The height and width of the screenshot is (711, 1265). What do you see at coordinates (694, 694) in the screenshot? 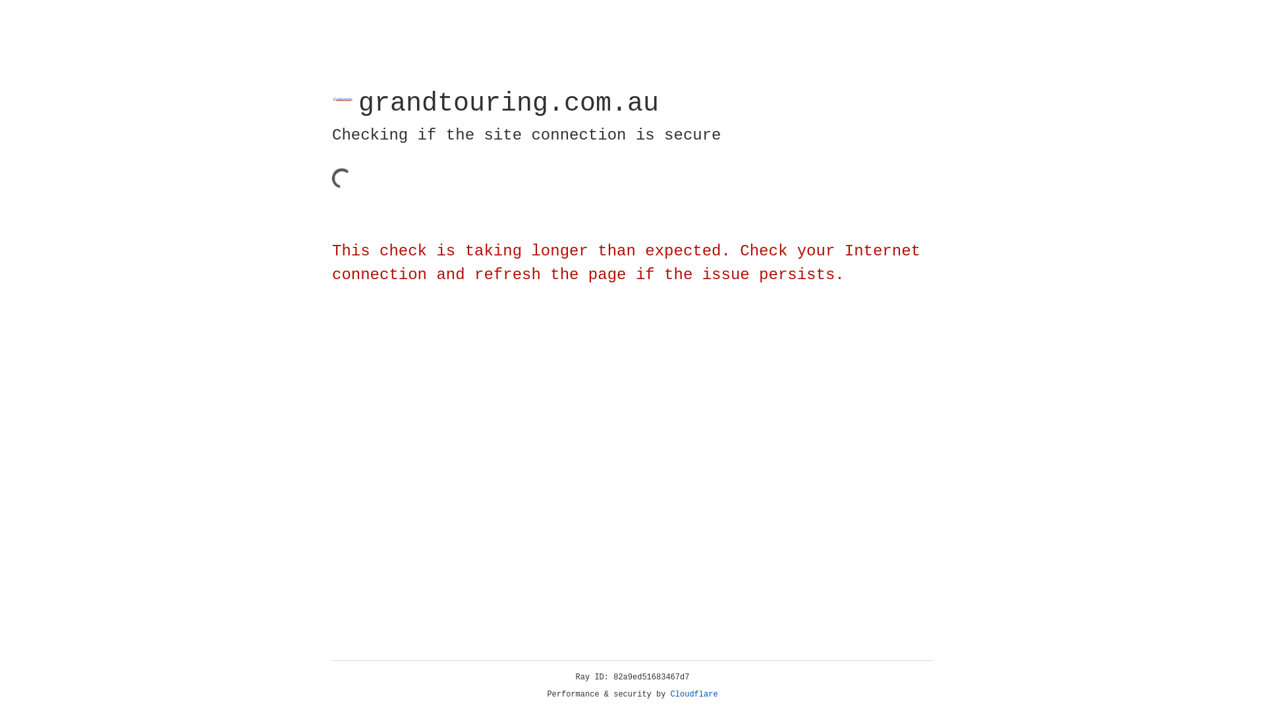
I see `'Cloudflare'` at bounding box center [694, 694].